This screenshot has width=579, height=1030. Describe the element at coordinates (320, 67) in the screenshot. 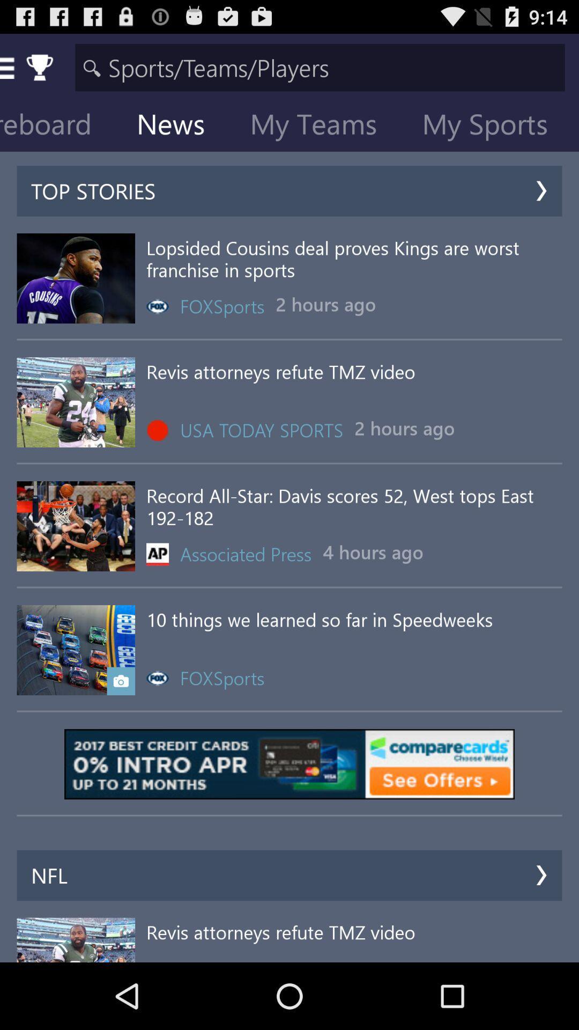

I see `icon above scoreboard` at that location.